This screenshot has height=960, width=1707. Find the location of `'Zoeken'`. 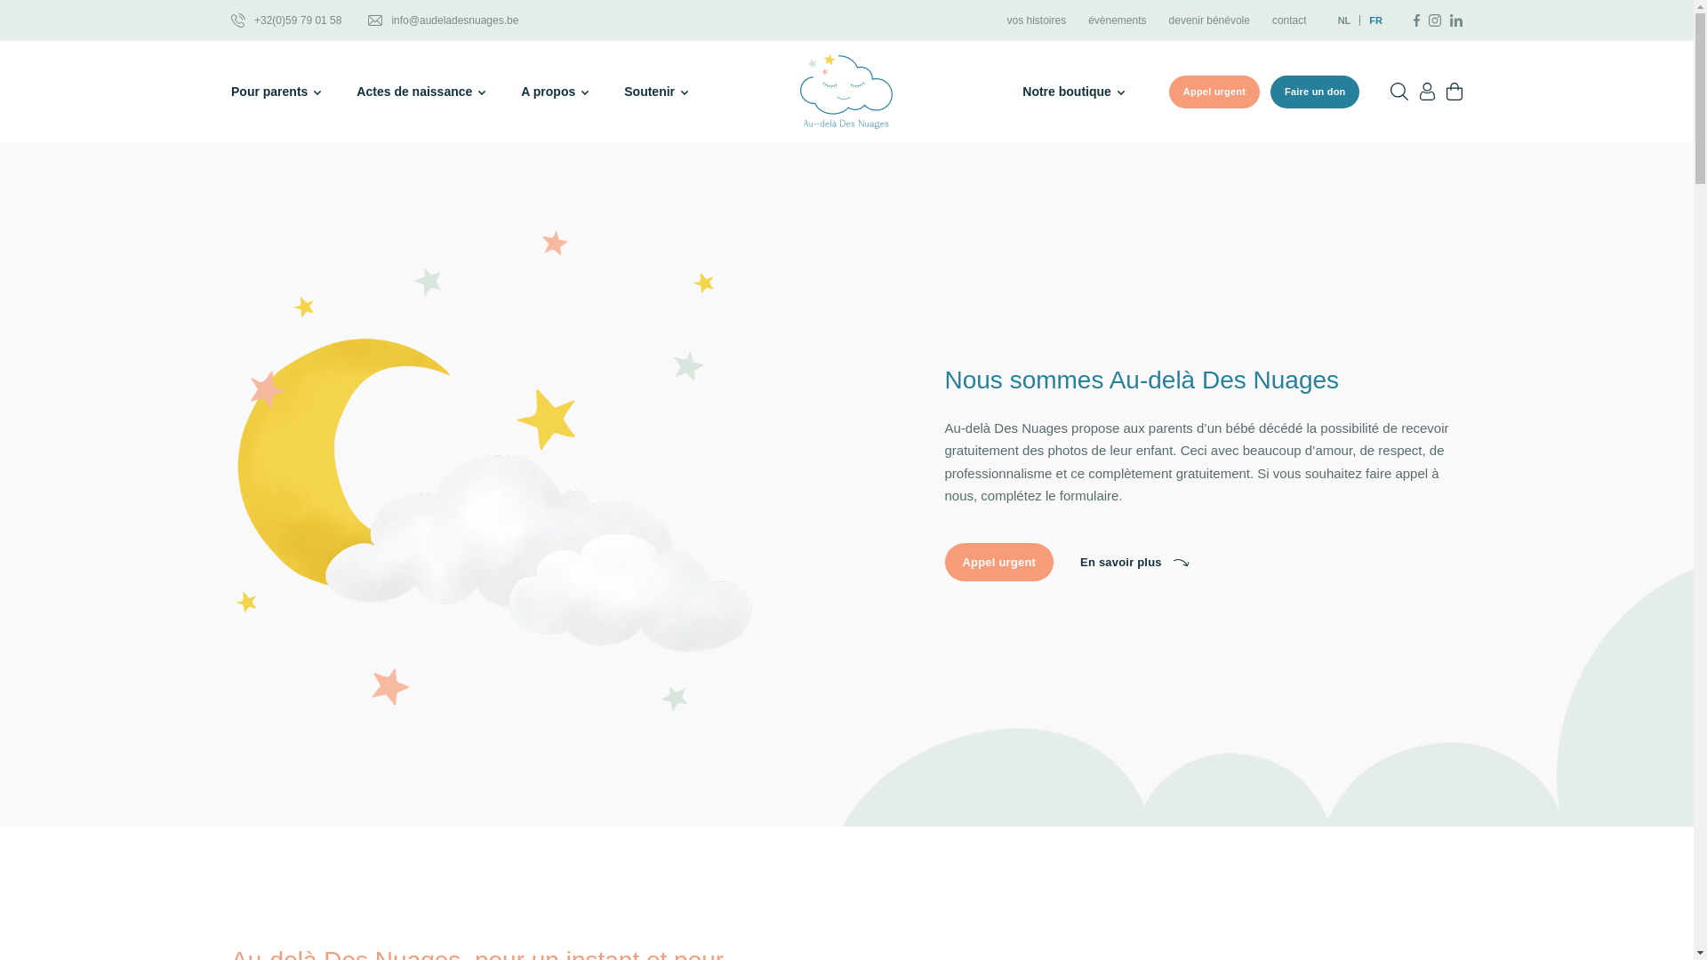

'Zoeken' is located at coordinates (1398, 92).